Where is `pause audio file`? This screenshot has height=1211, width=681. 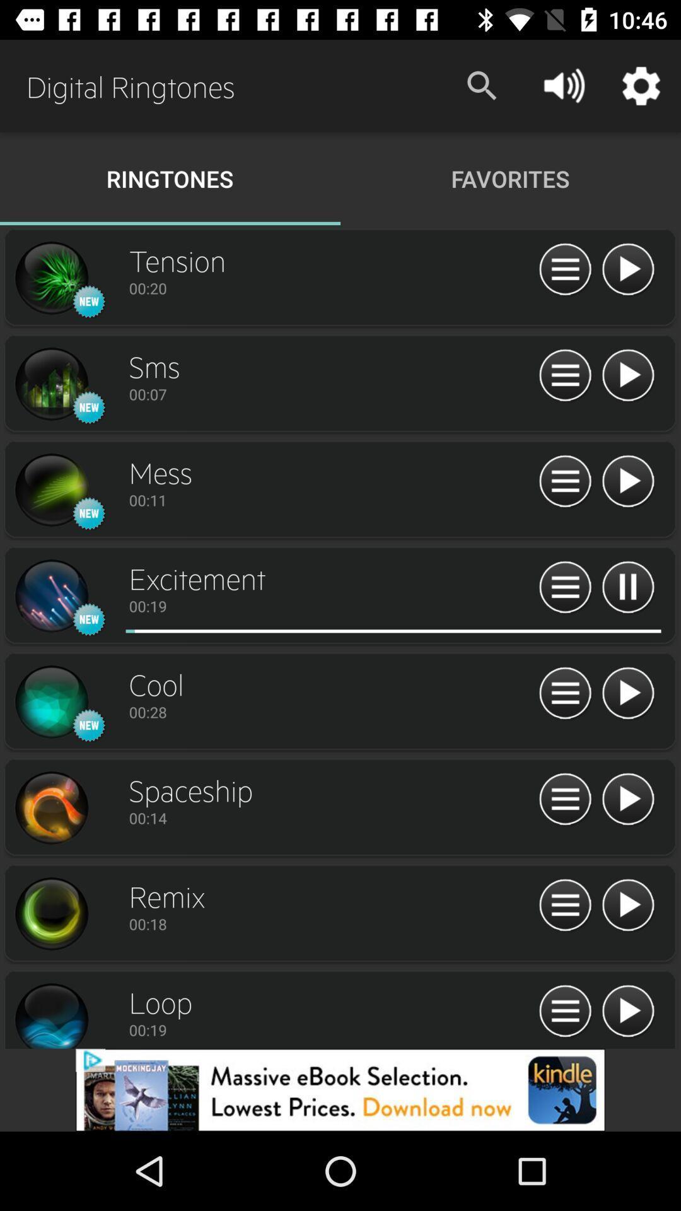 pause audio file is located at coordinates (627, 587).